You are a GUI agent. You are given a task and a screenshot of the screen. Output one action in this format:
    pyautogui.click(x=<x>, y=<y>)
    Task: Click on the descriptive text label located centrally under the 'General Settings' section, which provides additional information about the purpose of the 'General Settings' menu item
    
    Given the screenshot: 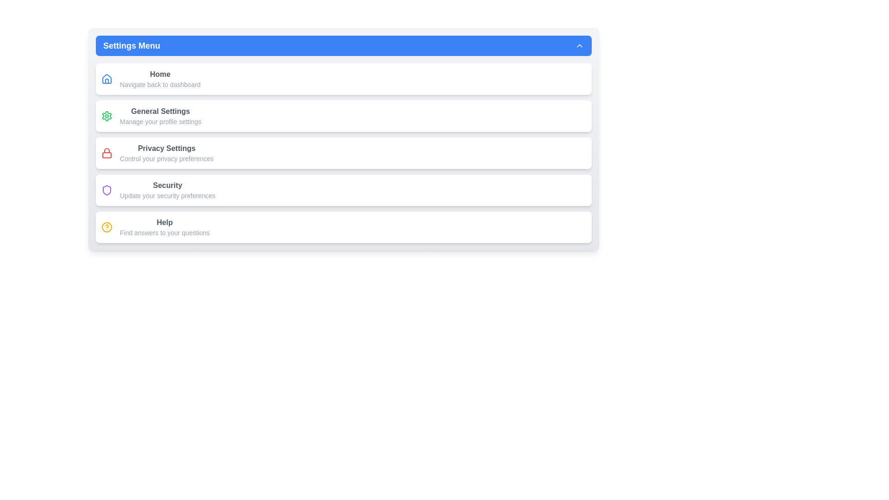 What is the action you would take?
    pyautogui.click(x=160, y=121)
    